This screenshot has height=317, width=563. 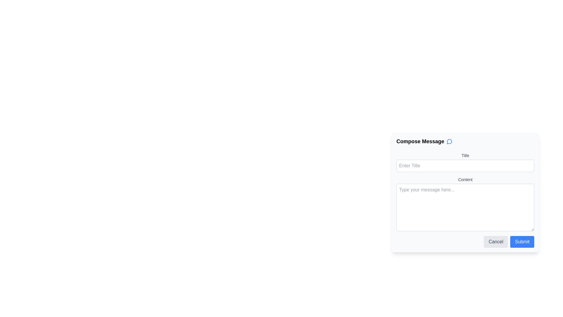 I want to click on the 'Submit' button located in the 'Compose Message' modal dialog, so click(x=522, y=242).